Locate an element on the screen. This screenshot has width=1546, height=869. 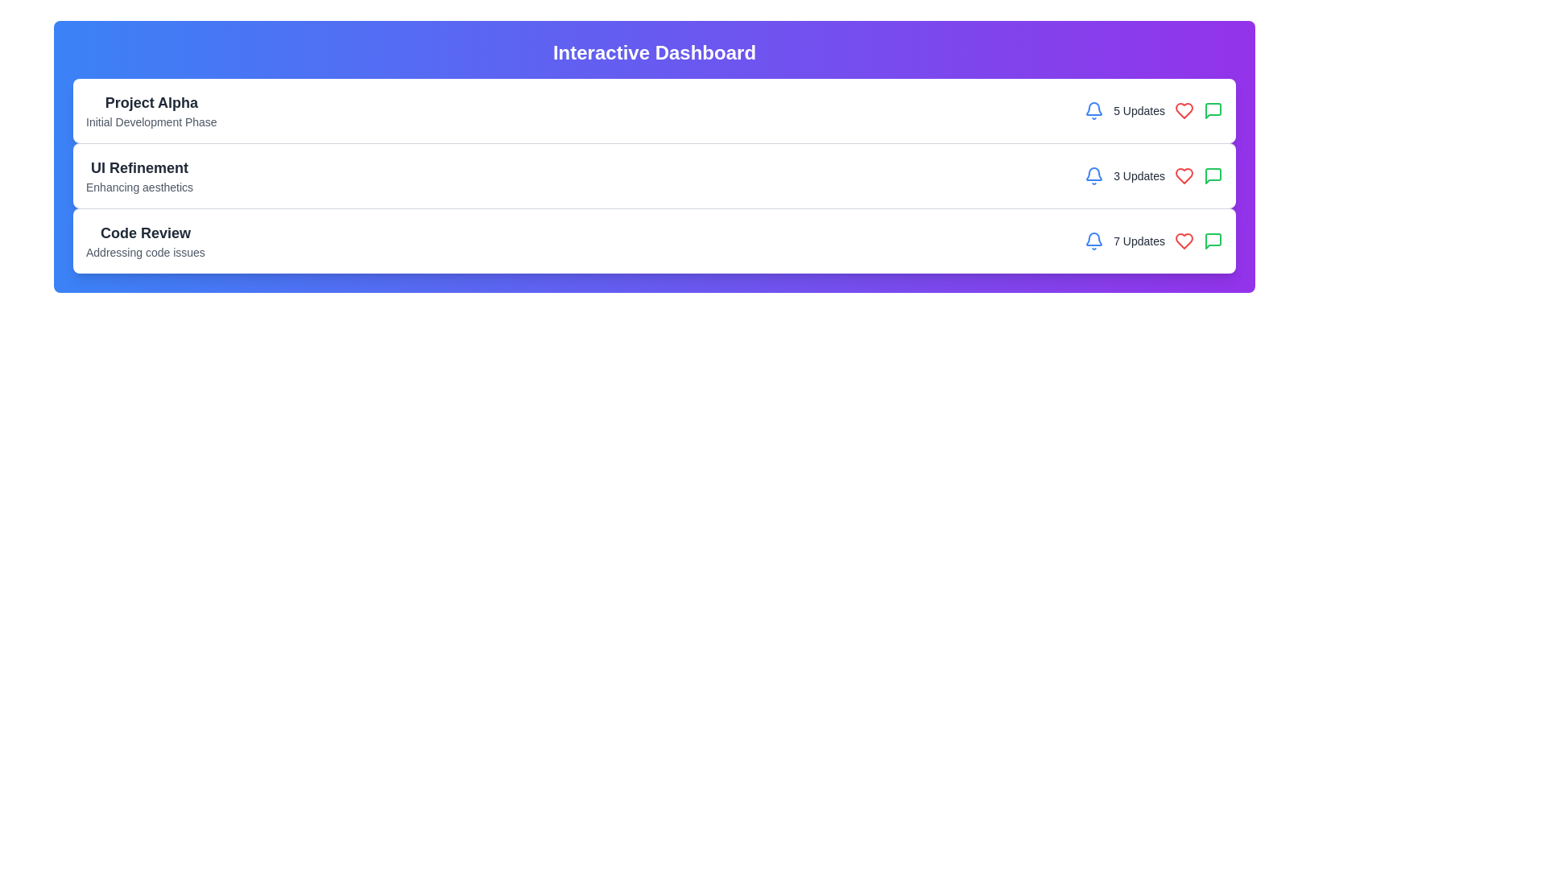
the text element displaying 'Enhancing aesthetics' in smaller, gray-colored font, which is styled as a subheading beneath the title 'UI Refinement' is located at coordinates (139, 186).